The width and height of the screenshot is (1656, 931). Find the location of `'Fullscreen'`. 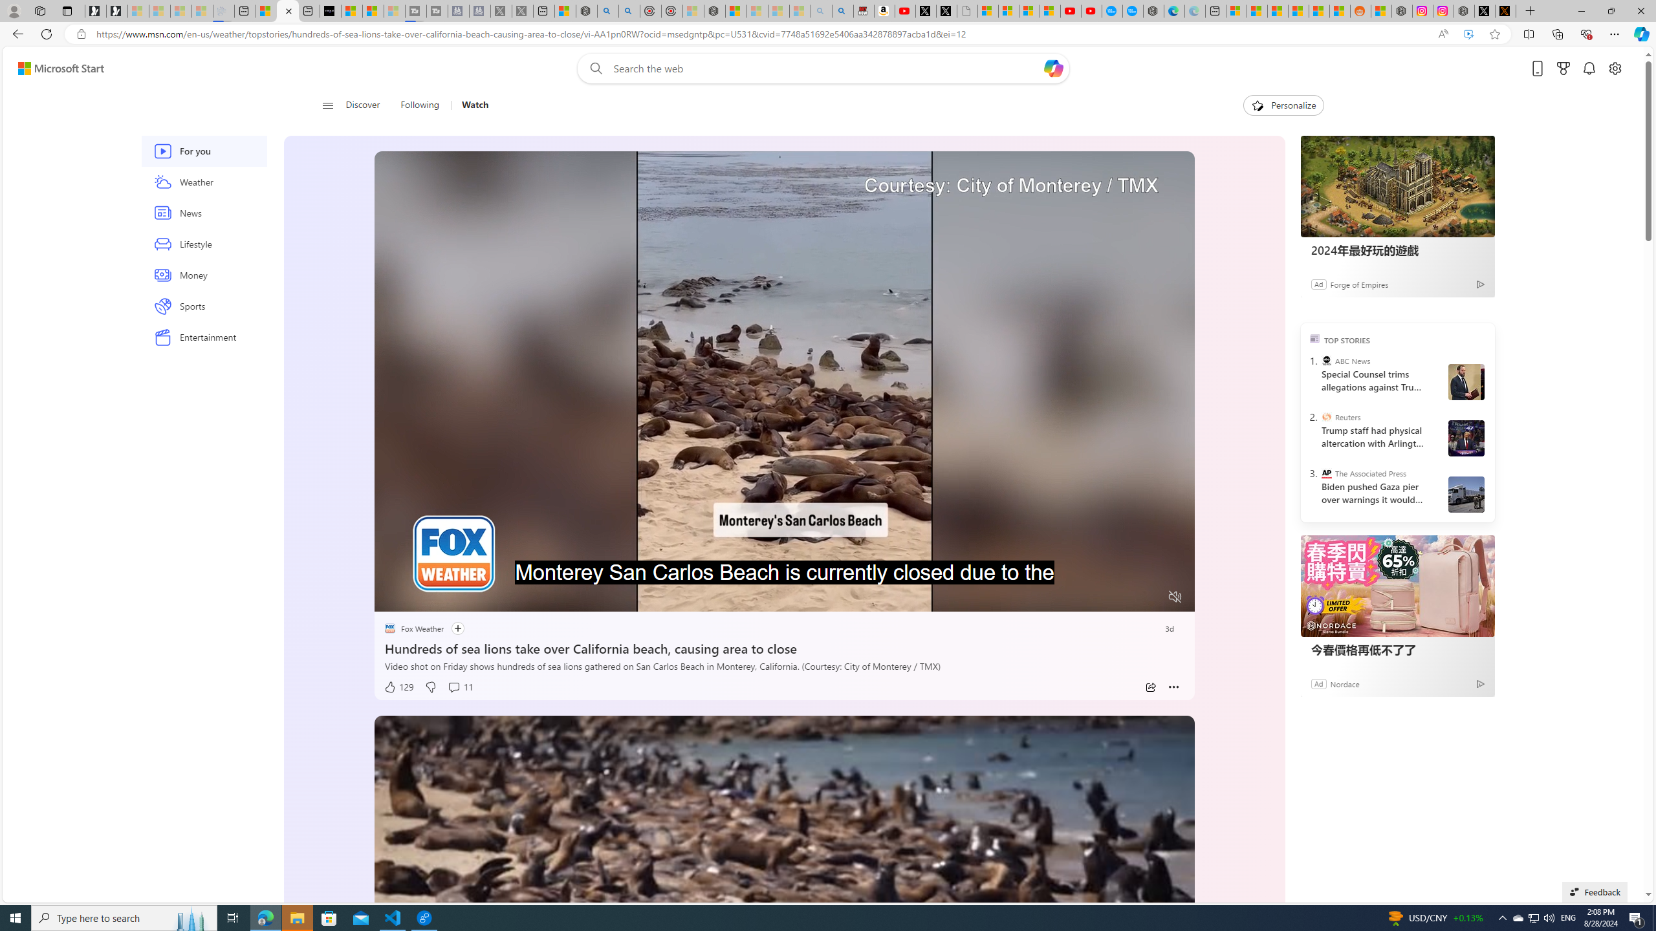

'Fullscreen' is located at coordinates (1150, 597).